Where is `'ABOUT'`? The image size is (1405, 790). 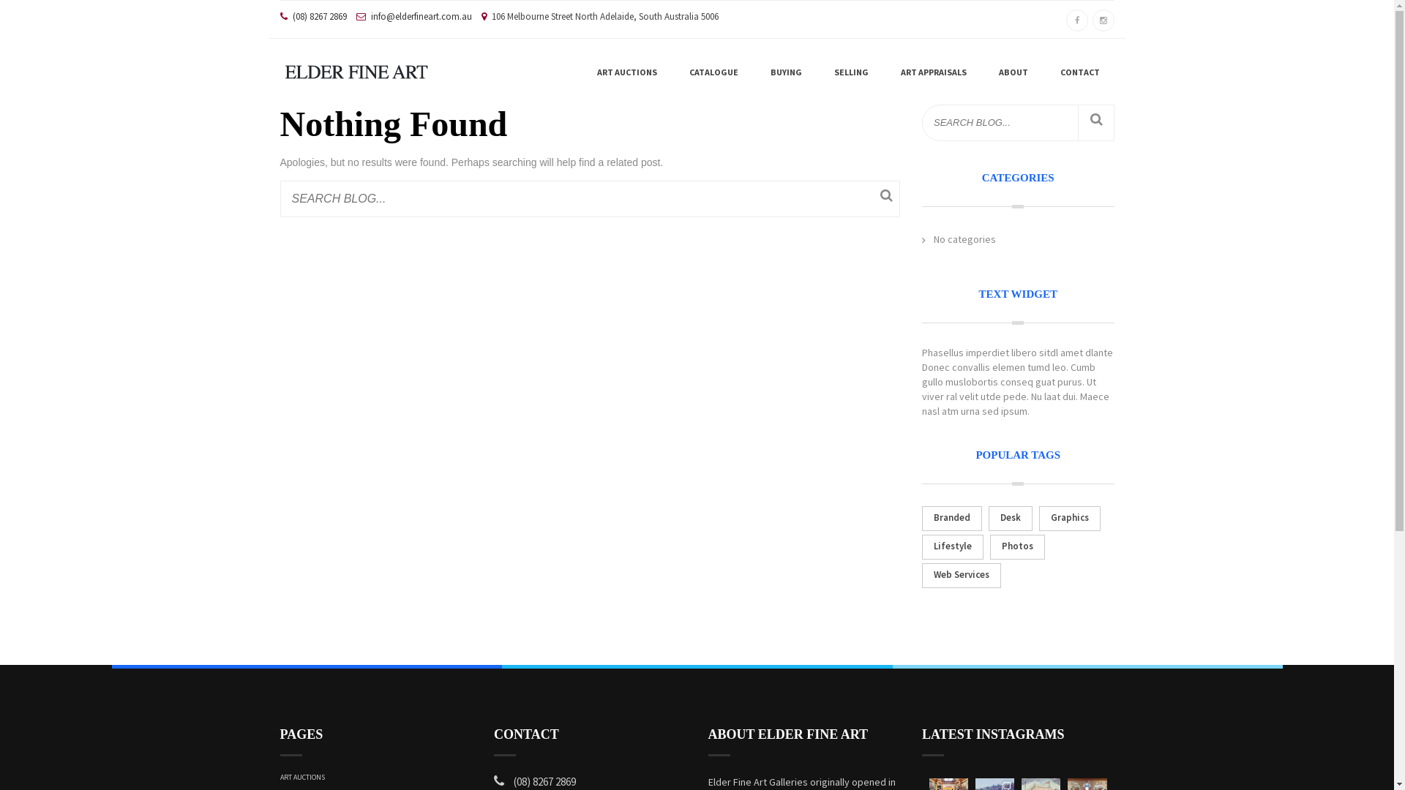
'ABOUT' is located at coordinates (1013, 72).